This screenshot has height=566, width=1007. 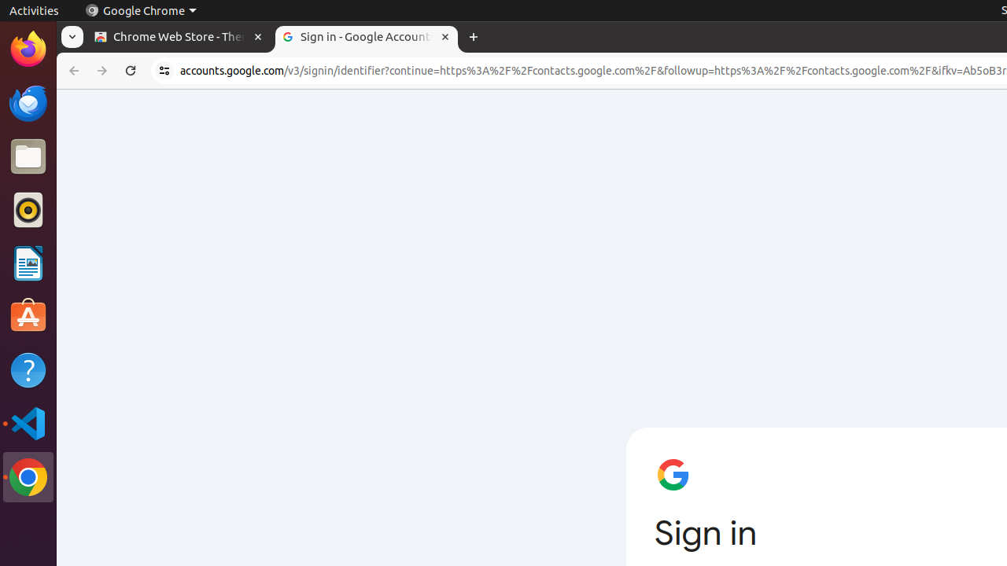 I want to click on 'Firefox Web Browser', so click(x=28, y=48).